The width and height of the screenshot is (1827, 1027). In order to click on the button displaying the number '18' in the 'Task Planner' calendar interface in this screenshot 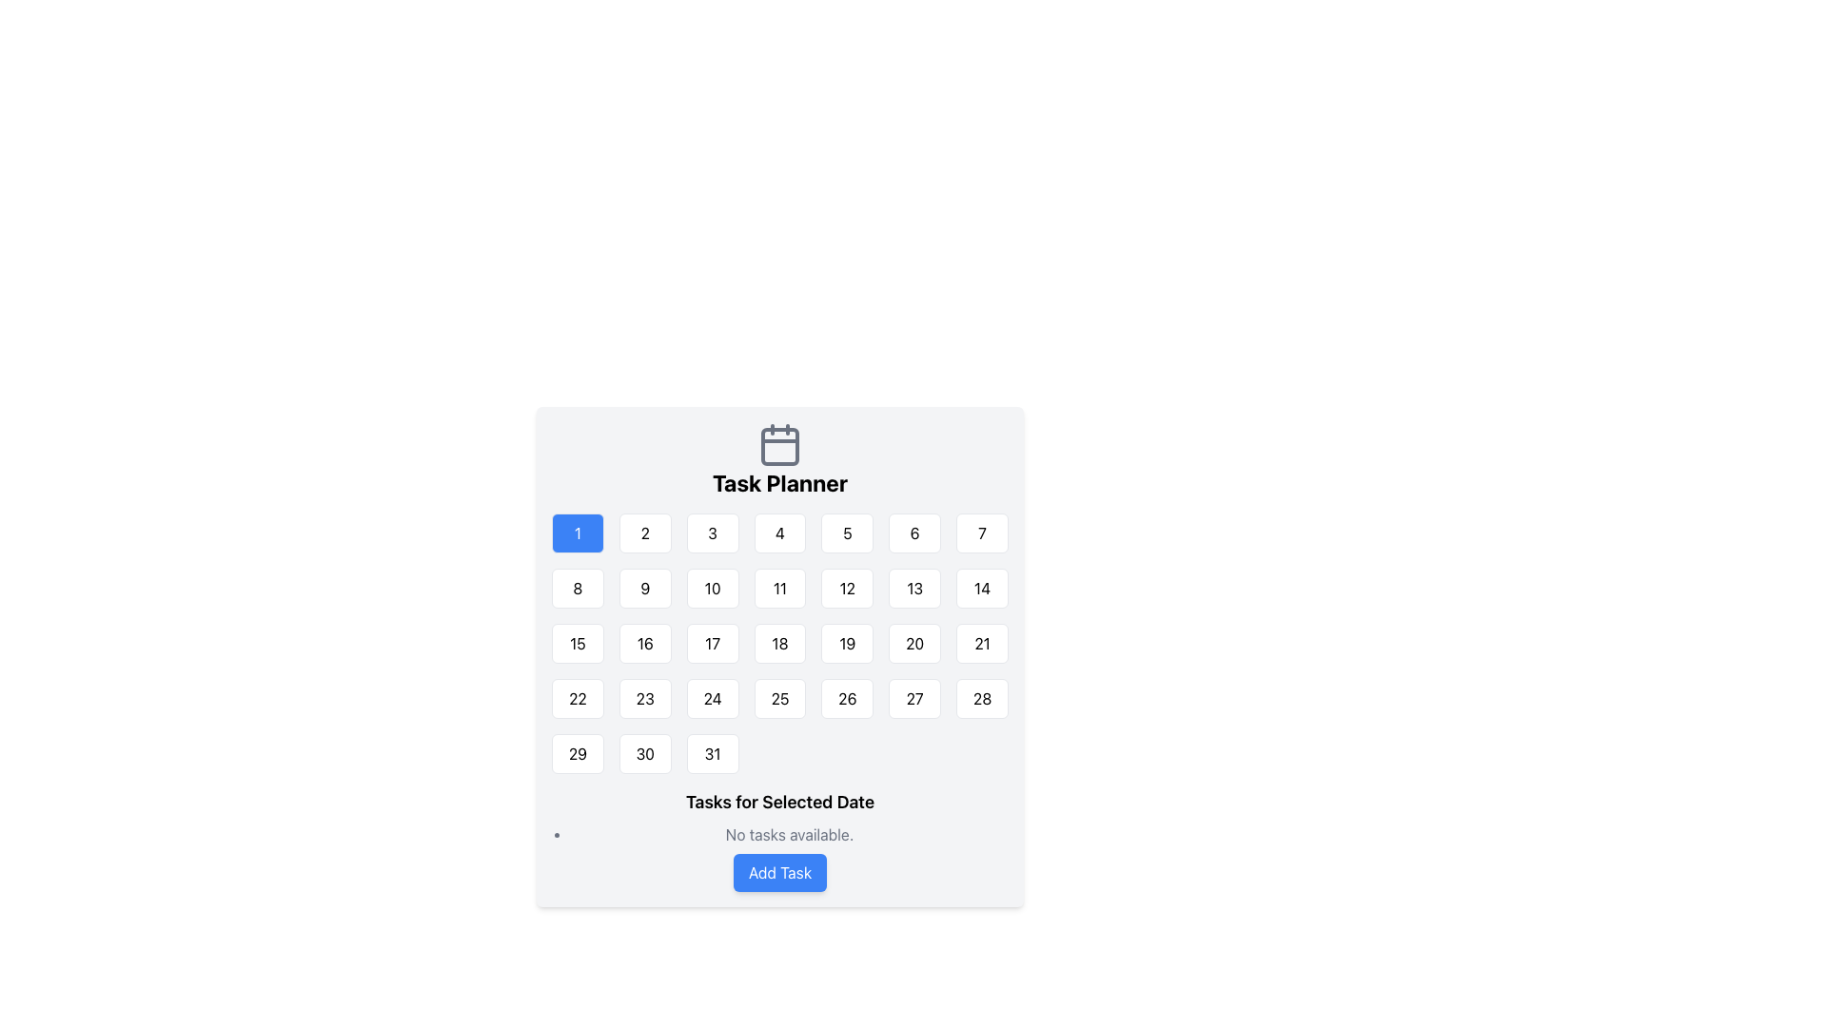, I will do `click(780, 643)`.